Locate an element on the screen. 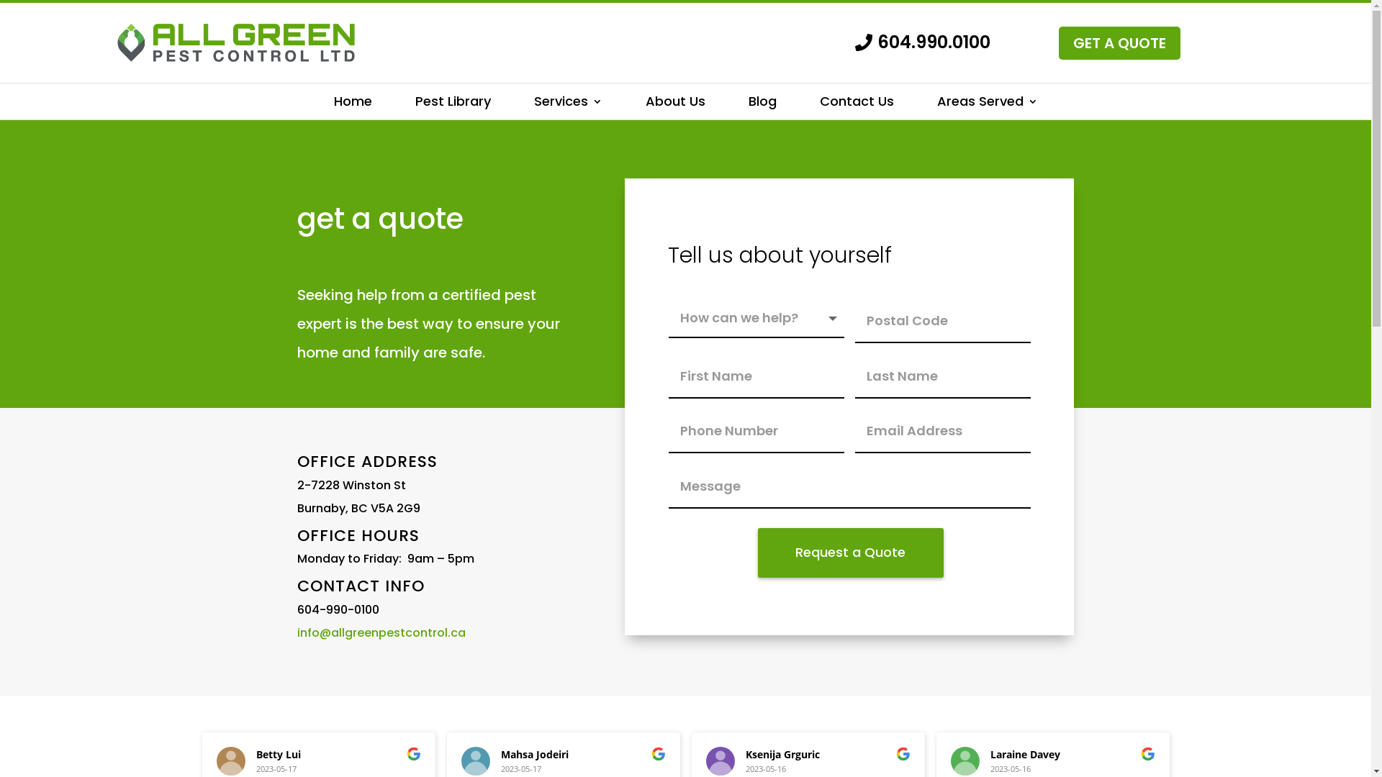 Image resolution: width=1382 pixels, height=777 pixels. 'Areas Served' is located at coordinates (936, 104).